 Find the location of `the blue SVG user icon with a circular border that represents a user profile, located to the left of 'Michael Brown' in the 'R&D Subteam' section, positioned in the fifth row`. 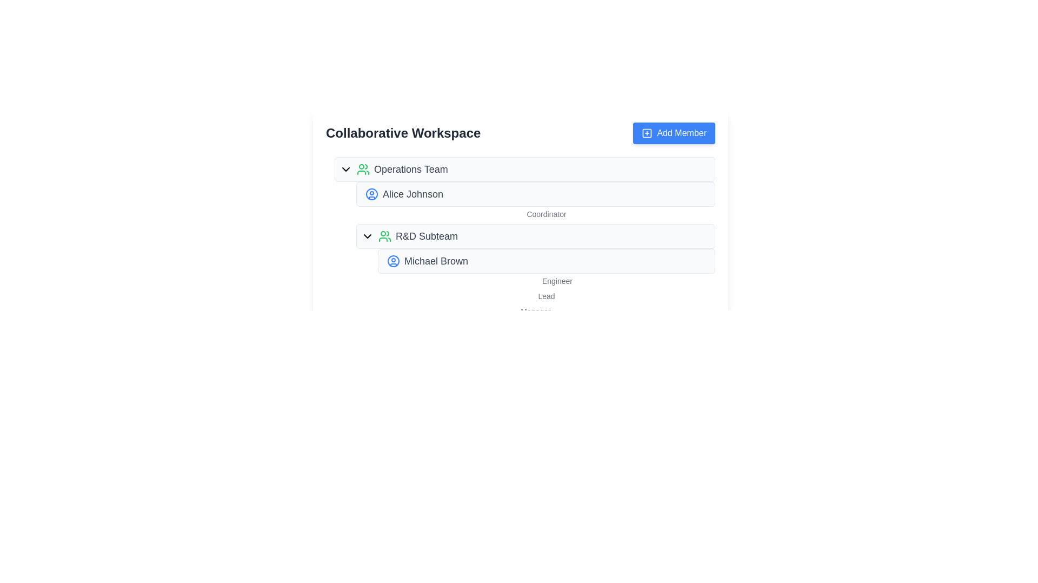

the blue SVG user icon with a circular border that represents a user profile, located to the left of 'Michael Brown' in the 'R&D Subteam' section, positioned in the fifth row is located at coordinates (393, 261).